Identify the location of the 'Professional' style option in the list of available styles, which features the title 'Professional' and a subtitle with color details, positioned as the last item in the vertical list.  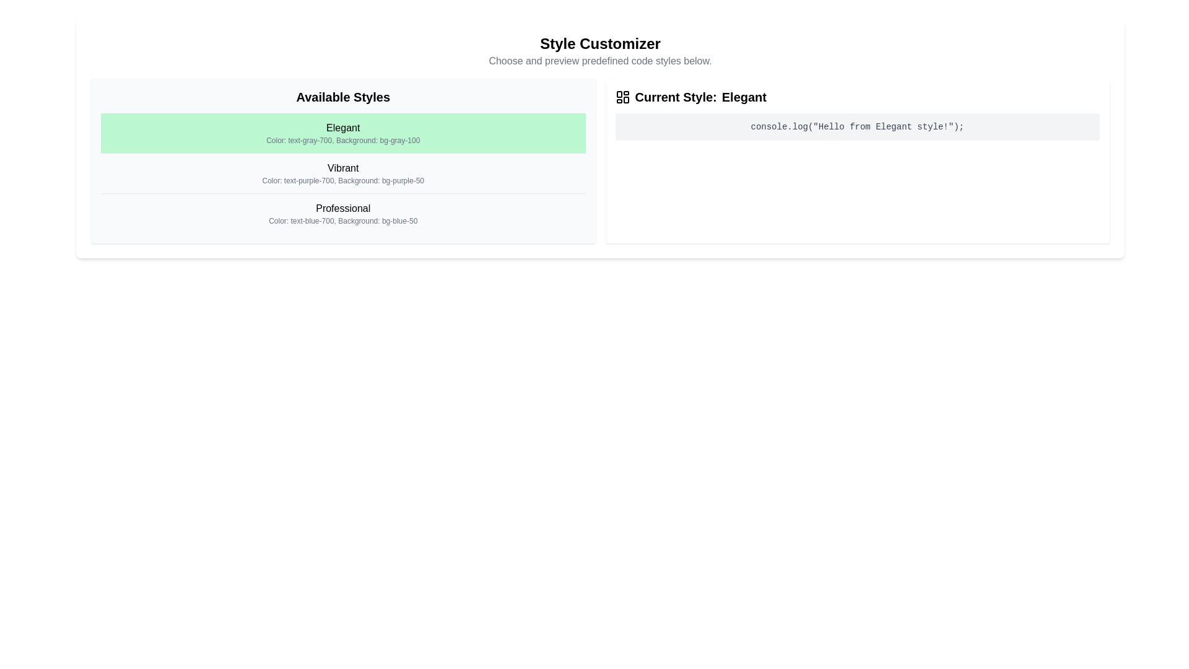
(343, 212).